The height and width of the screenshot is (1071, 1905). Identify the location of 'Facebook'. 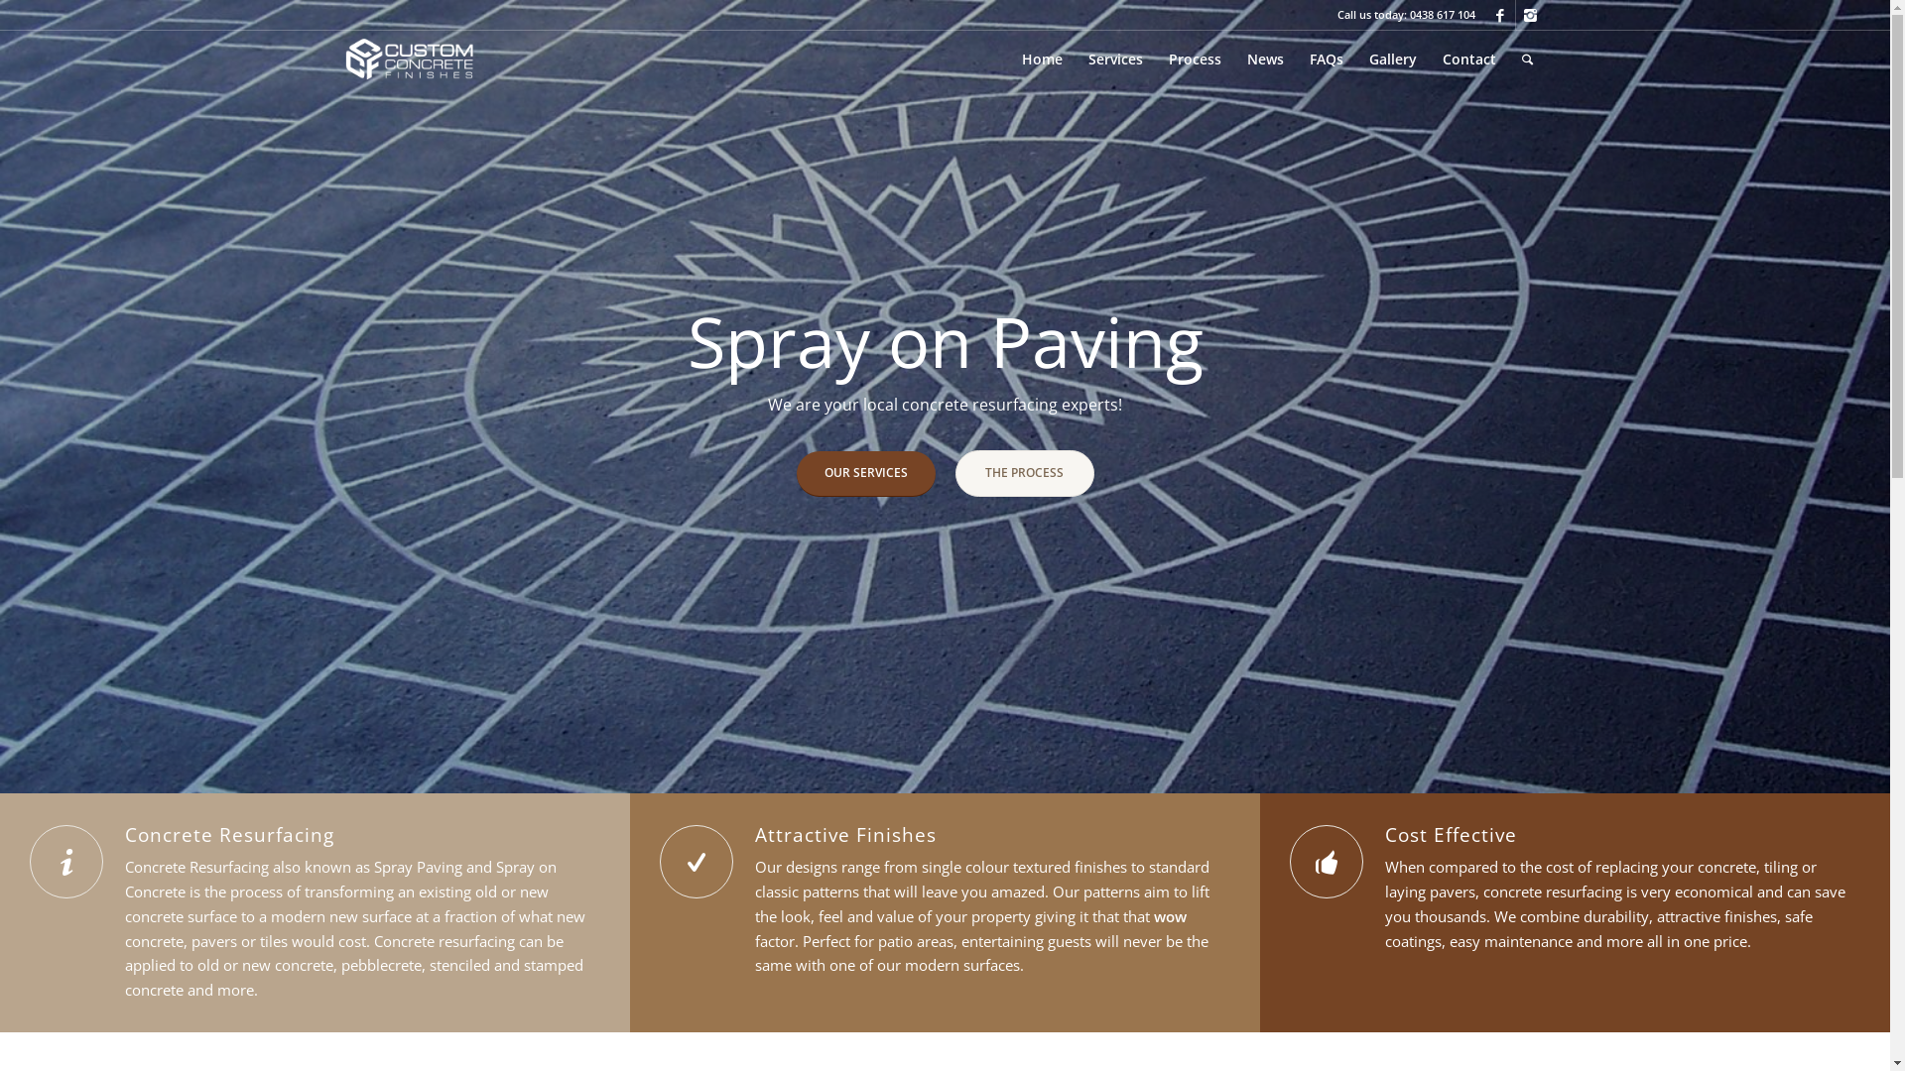
(1500, 15).